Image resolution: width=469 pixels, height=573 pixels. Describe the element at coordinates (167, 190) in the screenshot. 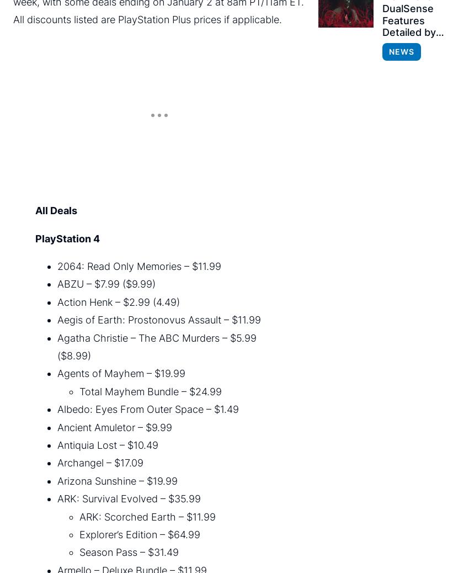

I see `'The Walking Dead: The Complete First Season – $4.99'` at that location.